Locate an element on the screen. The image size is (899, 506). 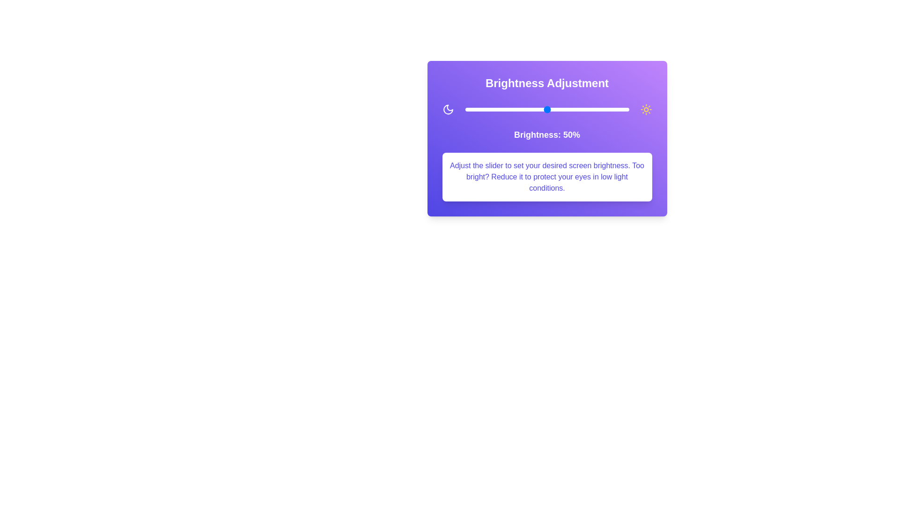
the brightness slider to set it to 92% is located at coordinates (616, 109).